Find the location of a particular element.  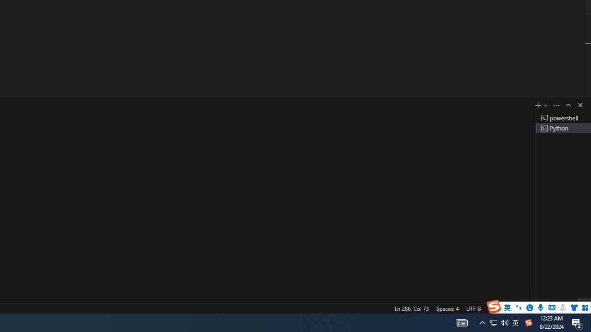

'Terminal 5 Python' is located at coordinates (563, 128).